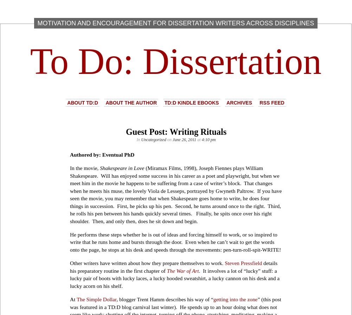 The height and width of the screenshot is (315, 352). I want to click on 'Motivation and Encouragement for Dissertation Writers Across Disciplines', so click(37, 23).